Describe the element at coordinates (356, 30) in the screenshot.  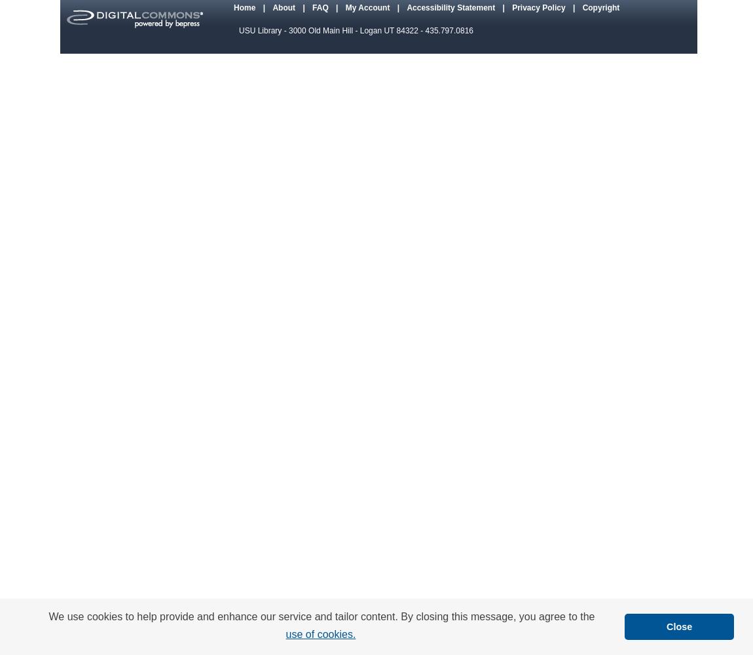
I see `'USU Library - 3000 Old Main Hill - Logan UT 84322 - 435.797.0816'` at that location.